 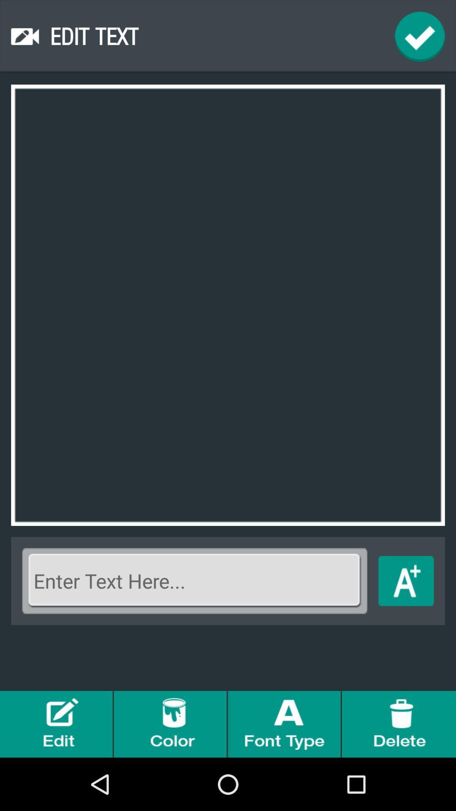 I want to click on begin typing, so click(x=405, y=580).